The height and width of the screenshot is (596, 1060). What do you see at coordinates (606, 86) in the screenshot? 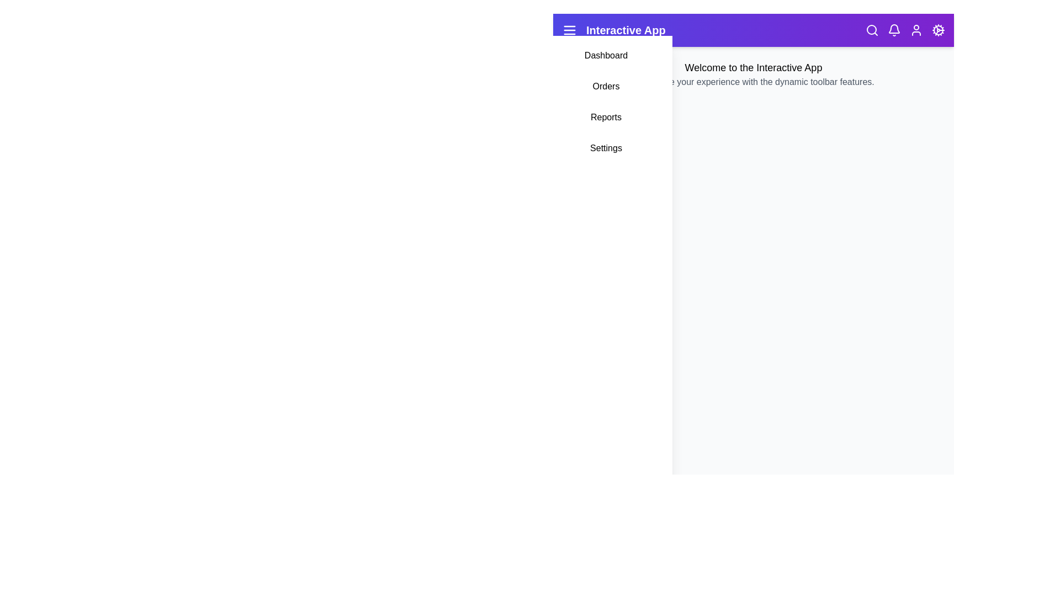
I see `the sidebar menu item labeled Orders` at bounding box center [606, 86].